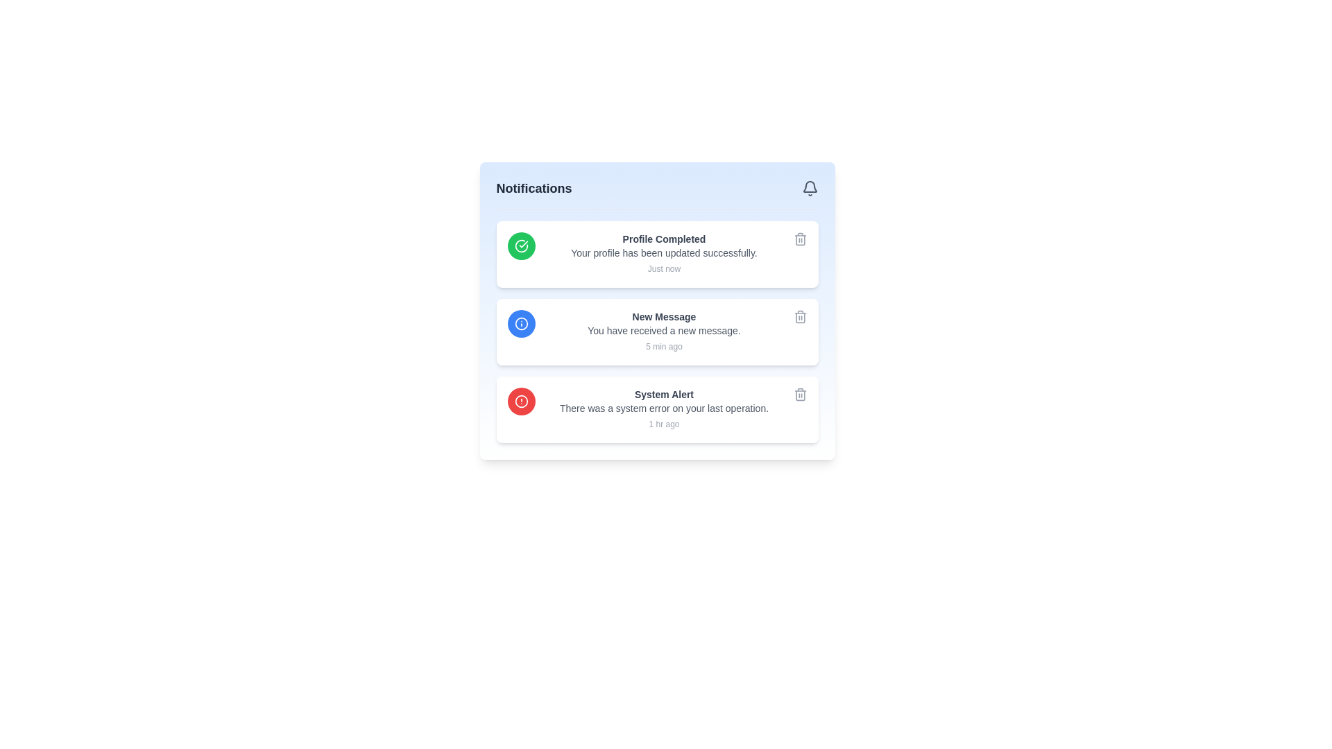 The image size is (1332, 749). I want to click on the delete button for the notification located at the top right corner of the 'Profile Completed' card, so click(800, 238).